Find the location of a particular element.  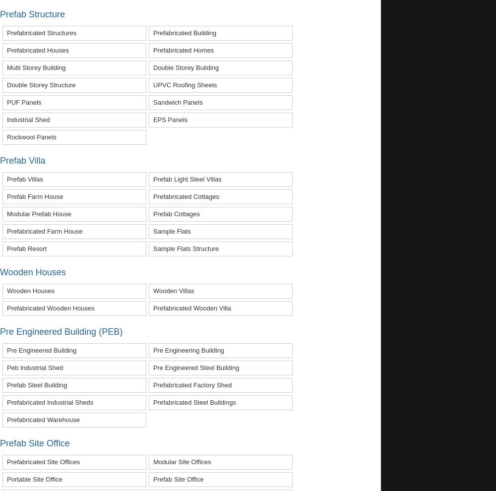

'prefabricated industrial sheds' is located at coordinates (7, 401).